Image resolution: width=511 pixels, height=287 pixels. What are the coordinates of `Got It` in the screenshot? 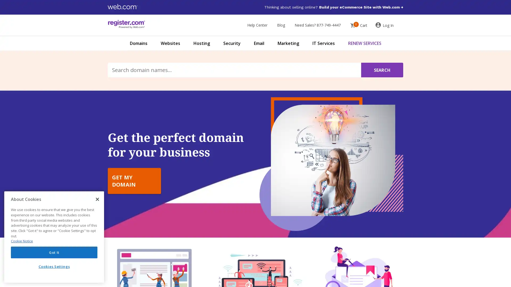 It's located at (54, 252).